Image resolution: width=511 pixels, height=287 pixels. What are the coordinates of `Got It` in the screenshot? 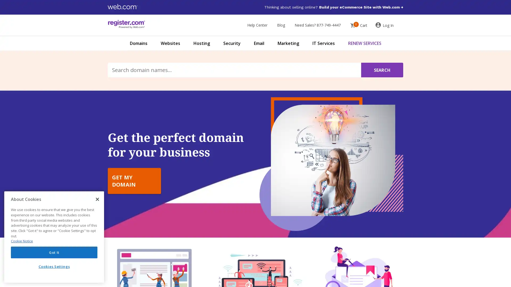 It's located at (54, 252).